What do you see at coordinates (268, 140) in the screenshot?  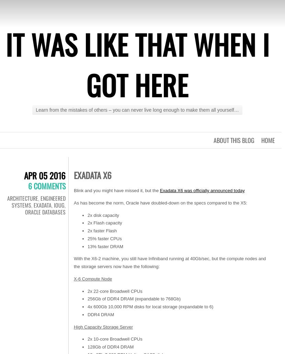 I see `'Home'` at bounding box center [268, 140].